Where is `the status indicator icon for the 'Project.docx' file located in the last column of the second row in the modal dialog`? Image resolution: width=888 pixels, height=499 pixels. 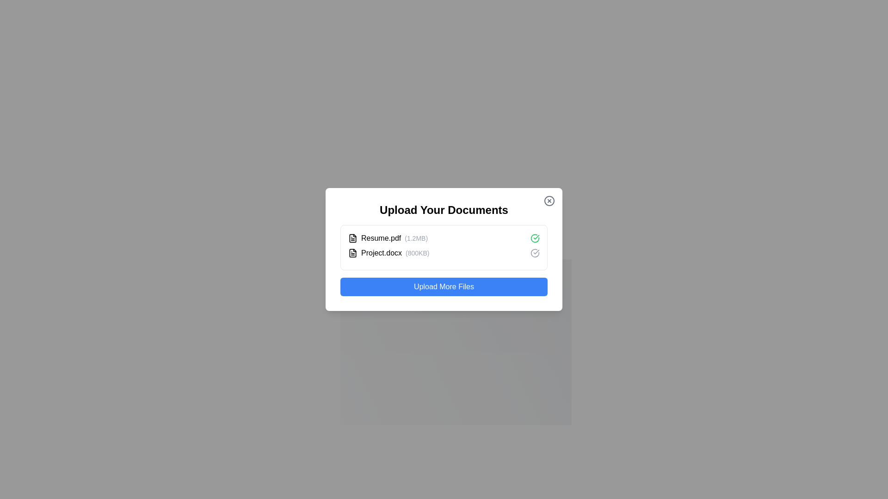
the status indicator icon for the 'Project.docx' file located in the last column of the second row in the modal dialog is located at coordinates (535, 253).